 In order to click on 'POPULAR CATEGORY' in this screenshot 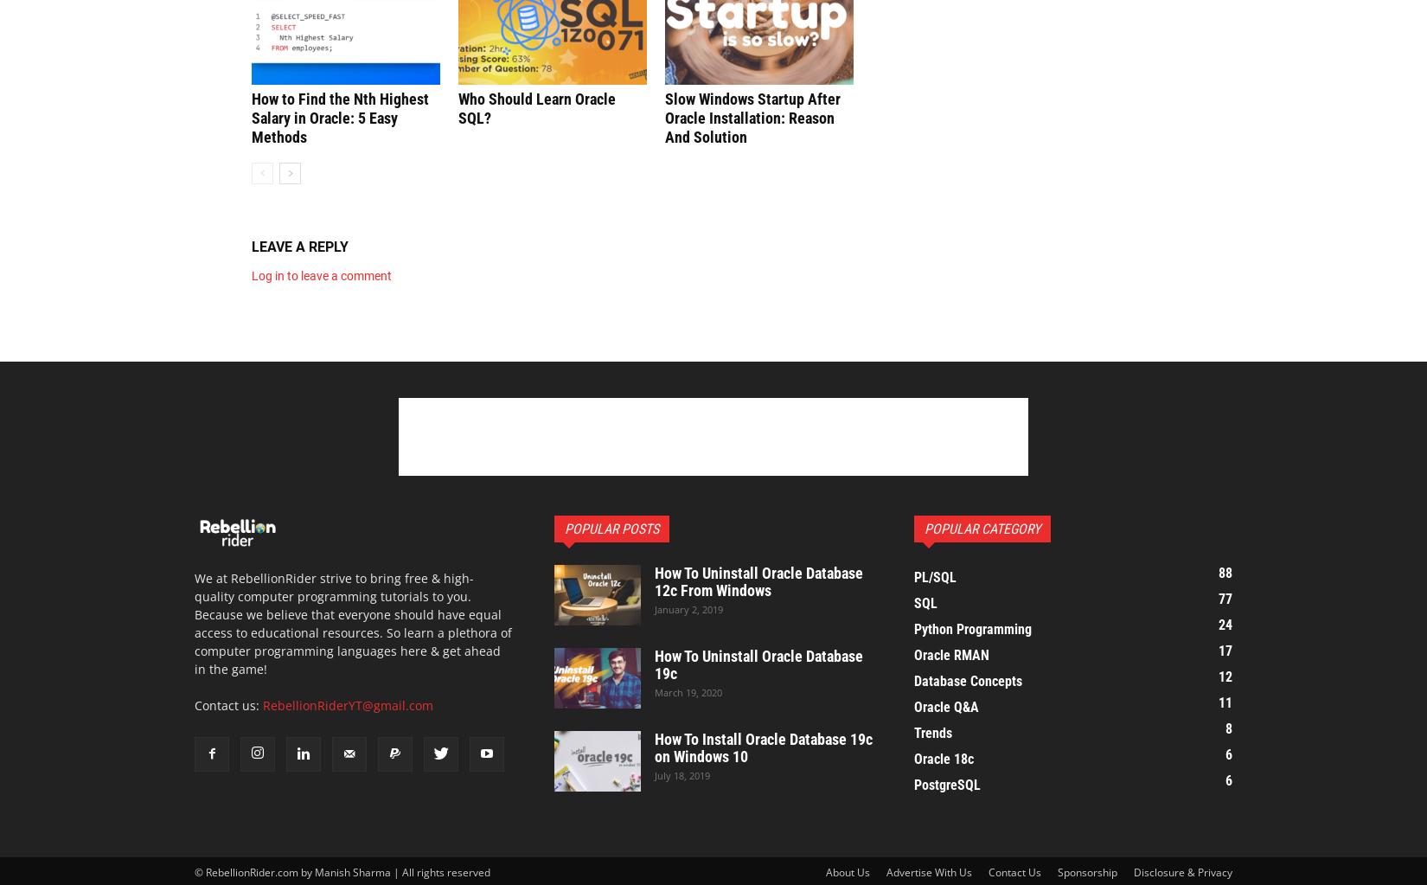, I will do `click(925, 527)`.